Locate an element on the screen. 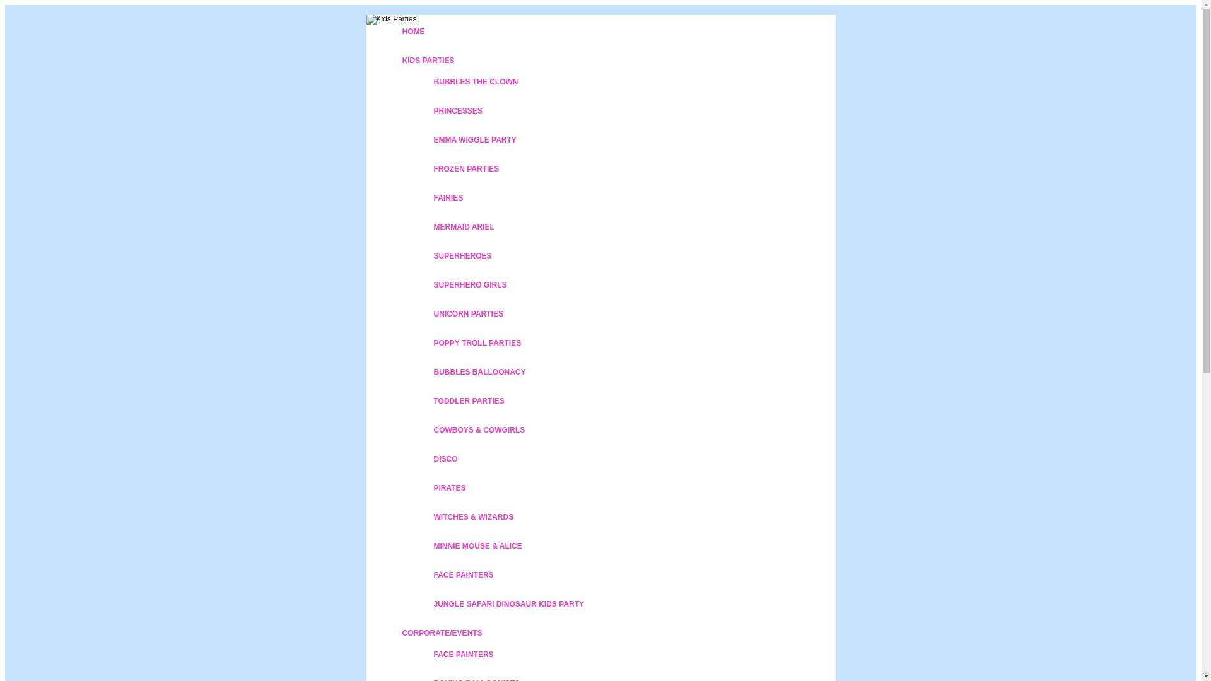 This screenshot has width=1211, height=681. 'MERMAID ARIEL' is located at coordinates (462, 226).